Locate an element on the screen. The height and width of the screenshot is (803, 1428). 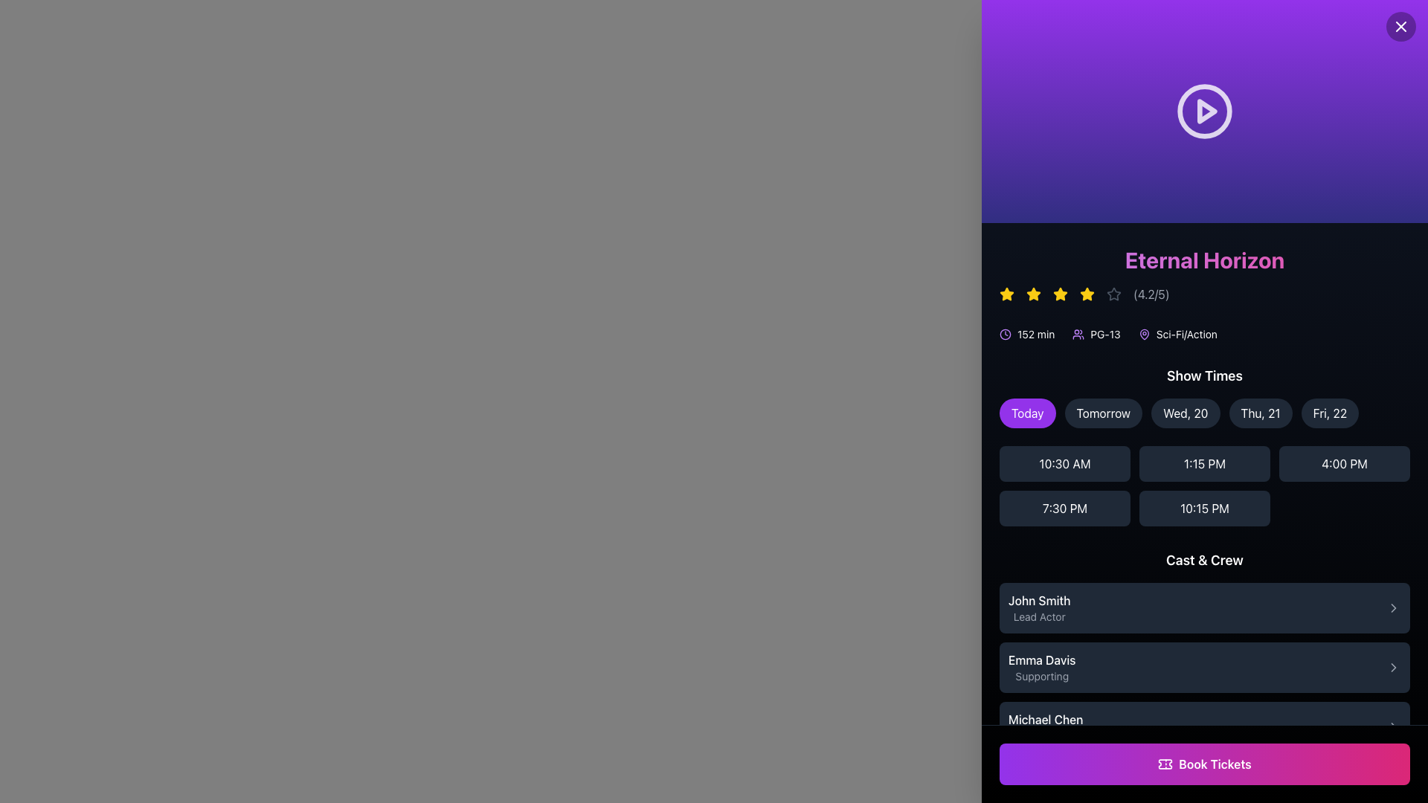
the hollow star icon is located at coordinates (1113, 294).